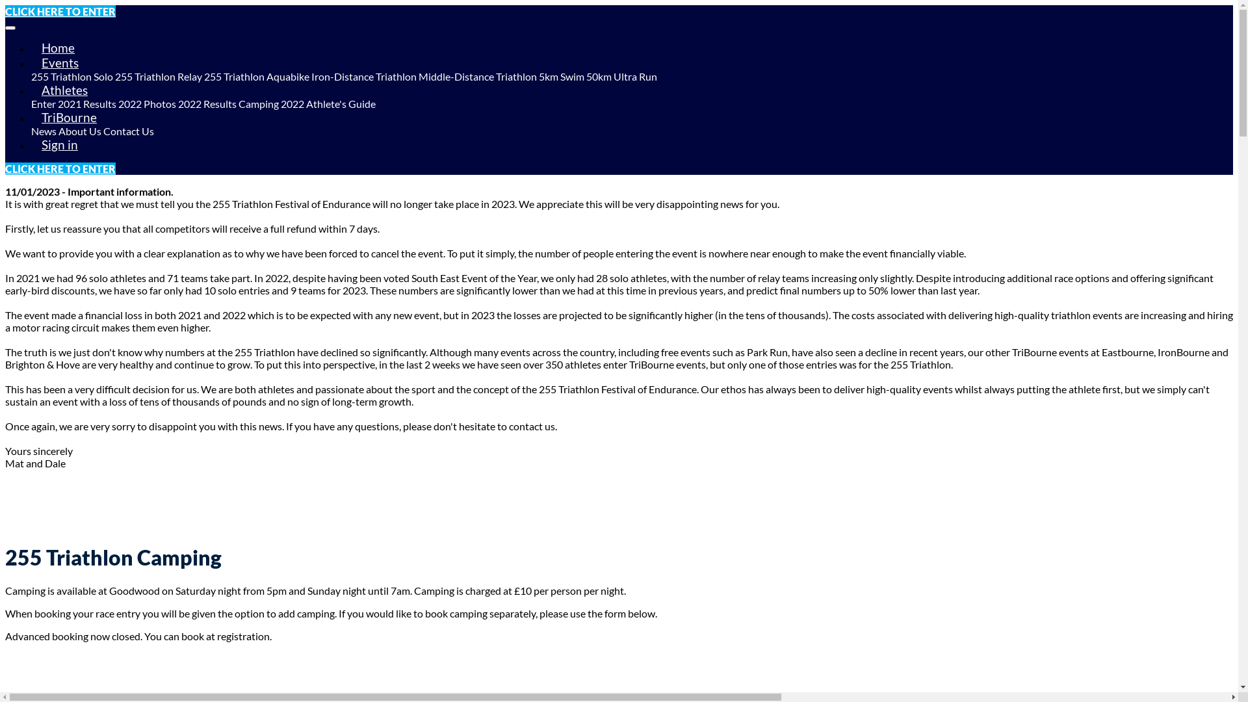 This screenshot has width=1248, height=702. I want to click on 'Athletes', so click(64, 89).